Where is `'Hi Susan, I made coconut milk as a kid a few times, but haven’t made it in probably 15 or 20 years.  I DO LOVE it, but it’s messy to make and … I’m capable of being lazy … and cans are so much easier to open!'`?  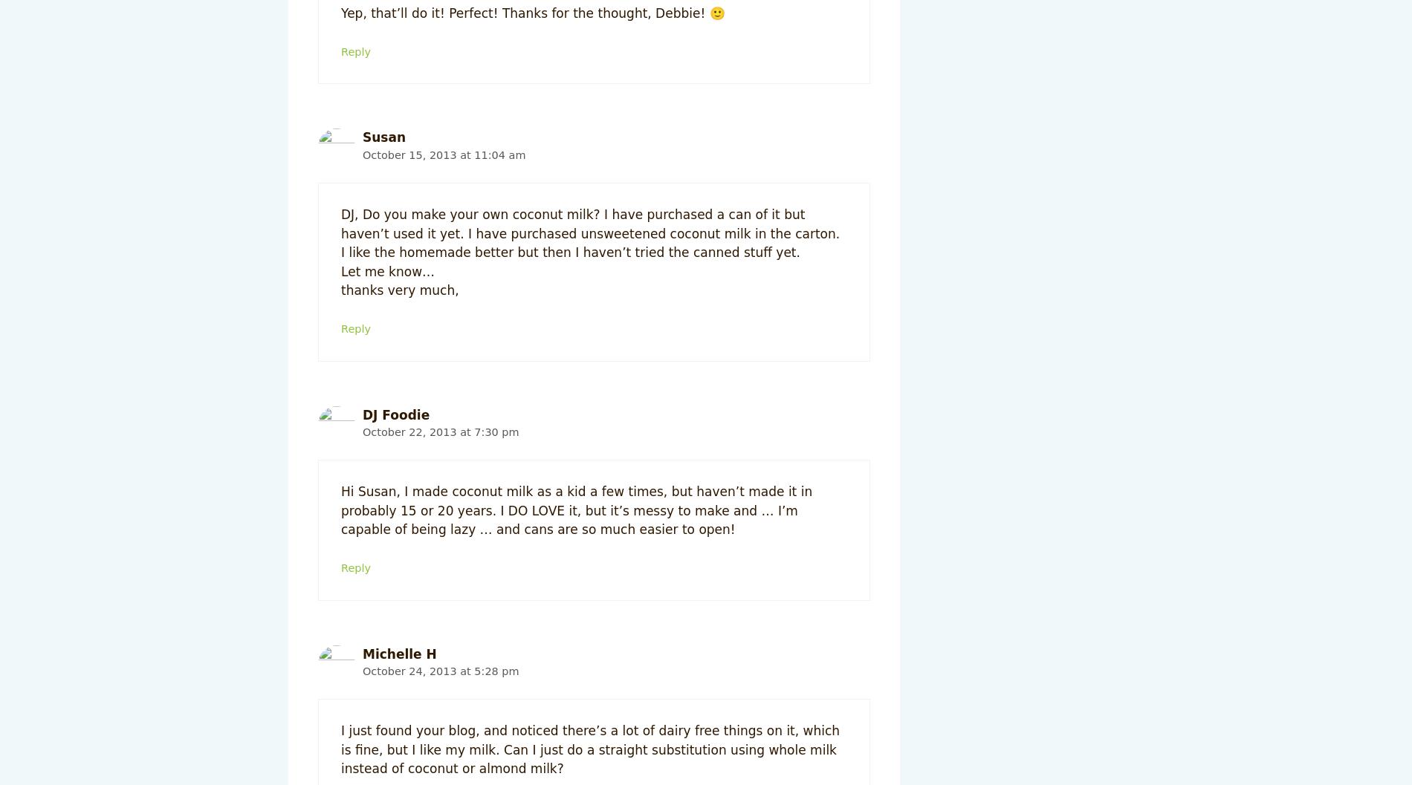
'Hi Susan, I made coconut milk as a kid a few times, but haven’t made it in probably 15 or 20 years.  I DO LOVE it, but it’s messy to make and … I’m capable of being lazy … and cans are so much easier to open!' is located at coordinates (575, 509).